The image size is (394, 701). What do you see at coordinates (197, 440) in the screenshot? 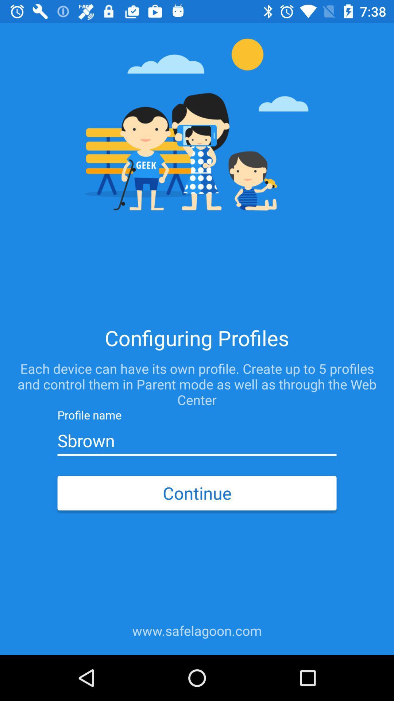
I see `item above the continue icon` at bounding box center [197, 440].